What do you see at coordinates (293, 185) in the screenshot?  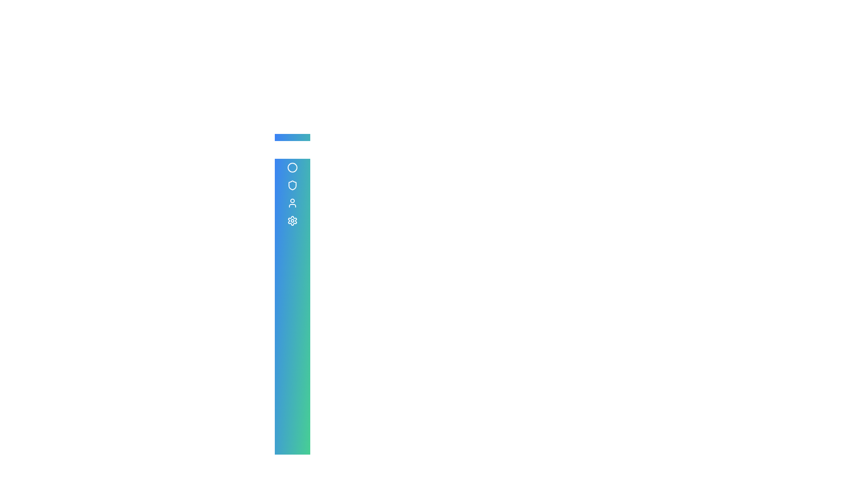 I see `the shield-like icon in the vertical navigation bar, which has a blue-to-green gradient background` at bounding box center [293, 185].